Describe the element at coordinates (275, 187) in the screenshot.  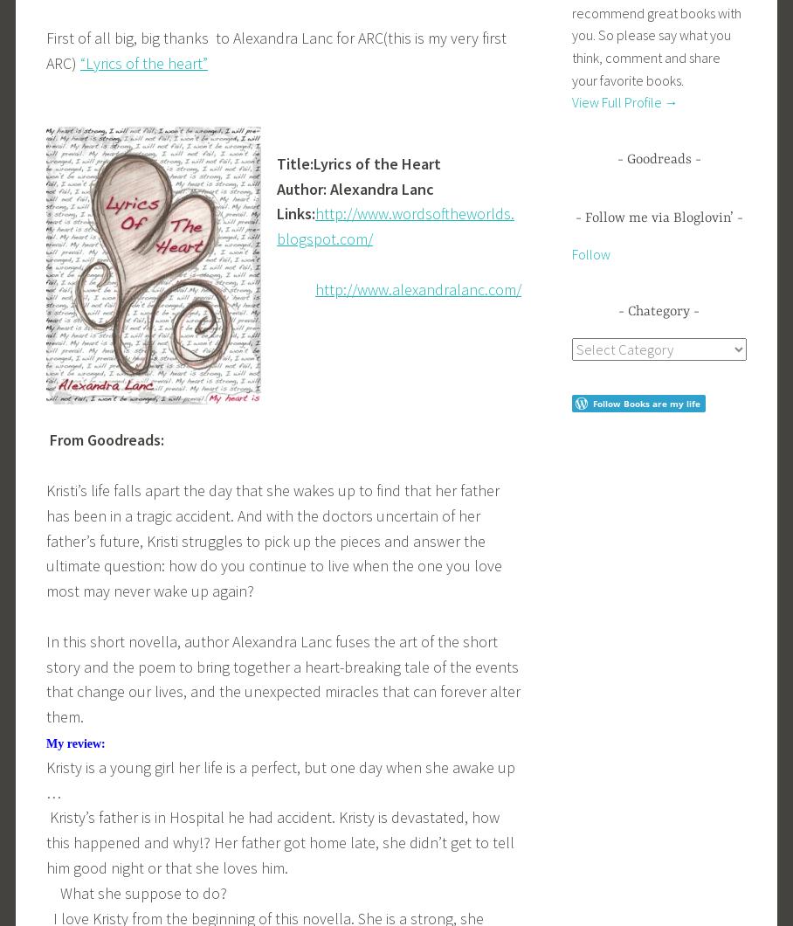
I see `'Author: Alexandra Lanc'` at that location.